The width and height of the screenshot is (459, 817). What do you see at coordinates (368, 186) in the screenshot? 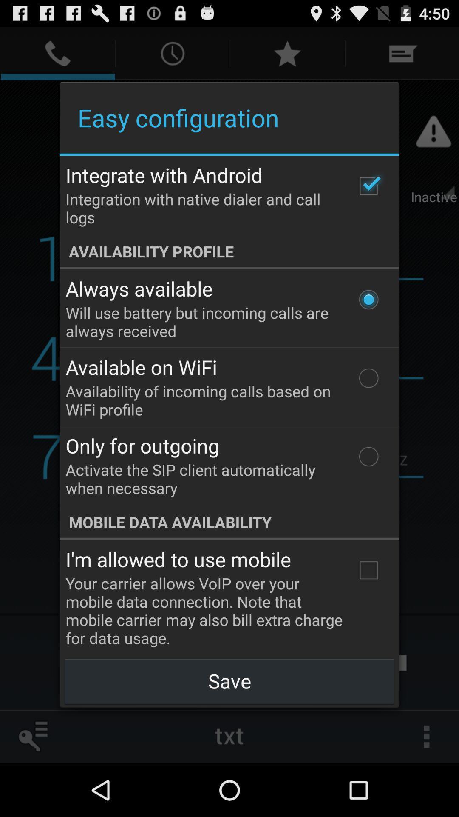
I see `item above the availability profile` at bounding box center [368, 186].